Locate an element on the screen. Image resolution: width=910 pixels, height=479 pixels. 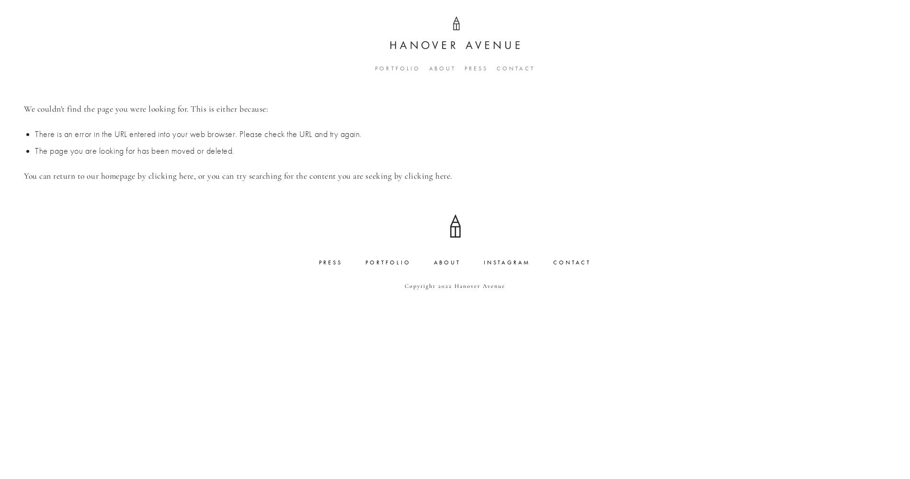
', or you can try searching for the
  content you are seeking by' is located at coordinates (299, 175).